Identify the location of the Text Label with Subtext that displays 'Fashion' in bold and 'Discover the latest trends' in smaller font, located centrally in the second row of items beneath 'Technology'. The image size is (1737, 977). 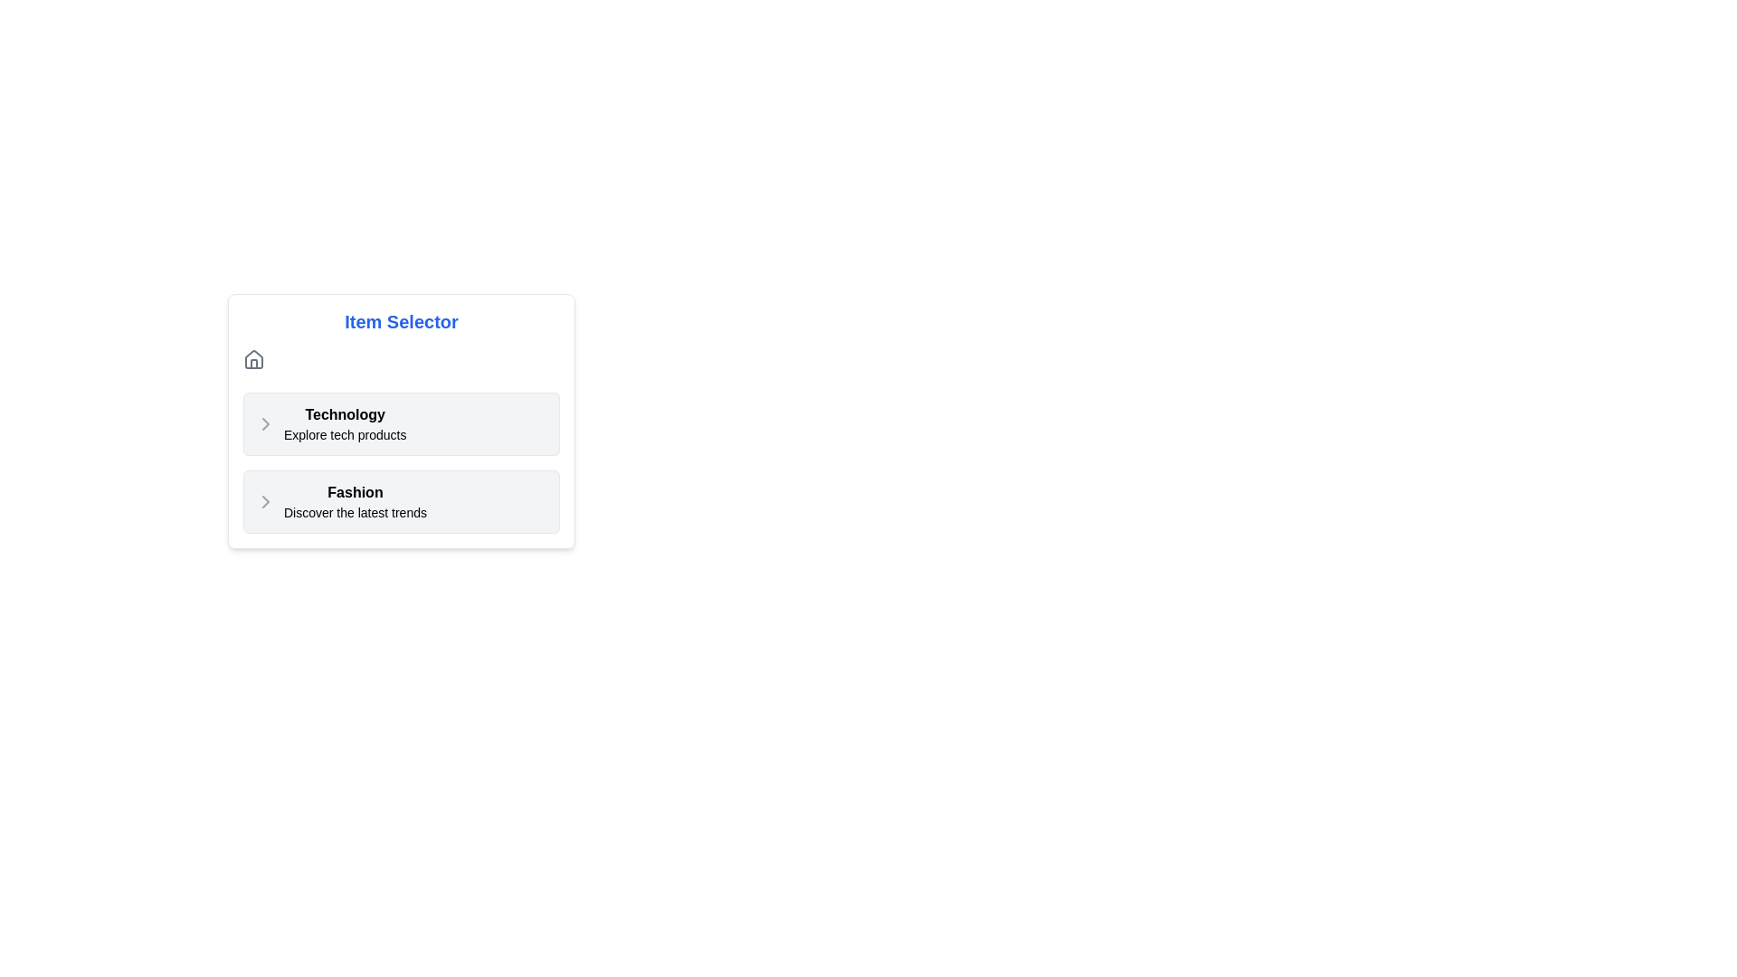
(356, 502).